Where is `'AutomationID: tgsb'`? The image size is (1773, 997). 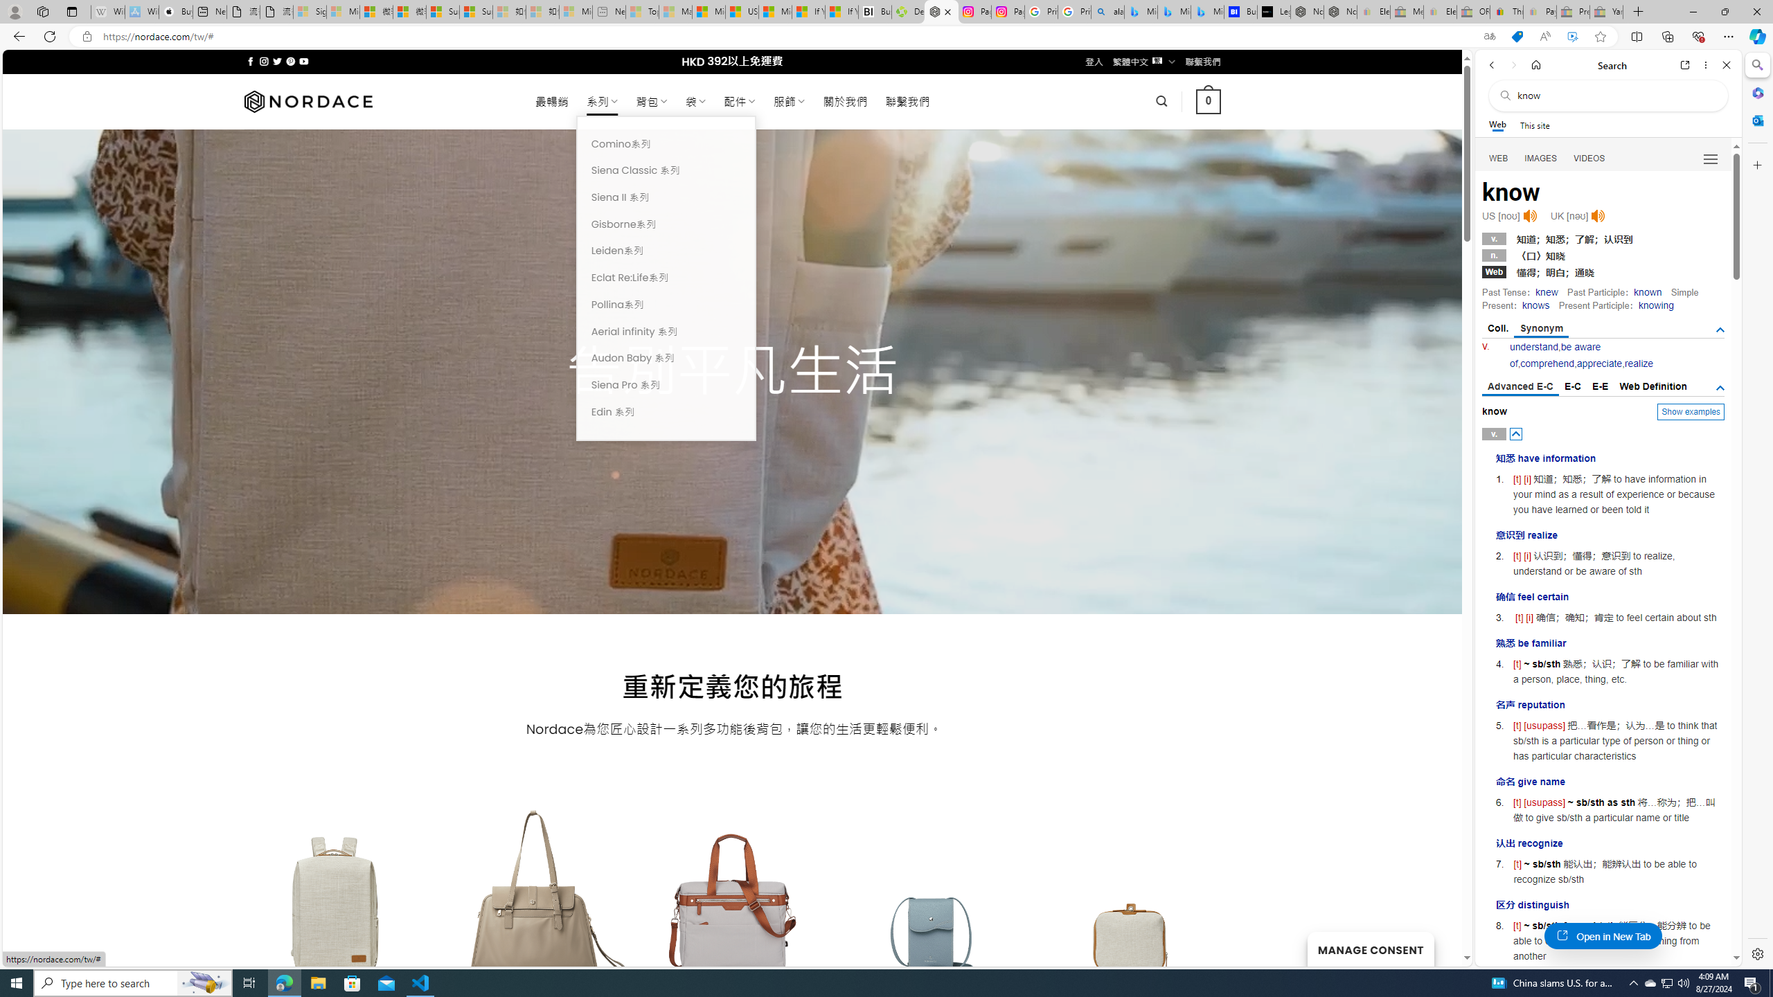
'AutomationID: tgsb' is located at coordinates (1720, 329).